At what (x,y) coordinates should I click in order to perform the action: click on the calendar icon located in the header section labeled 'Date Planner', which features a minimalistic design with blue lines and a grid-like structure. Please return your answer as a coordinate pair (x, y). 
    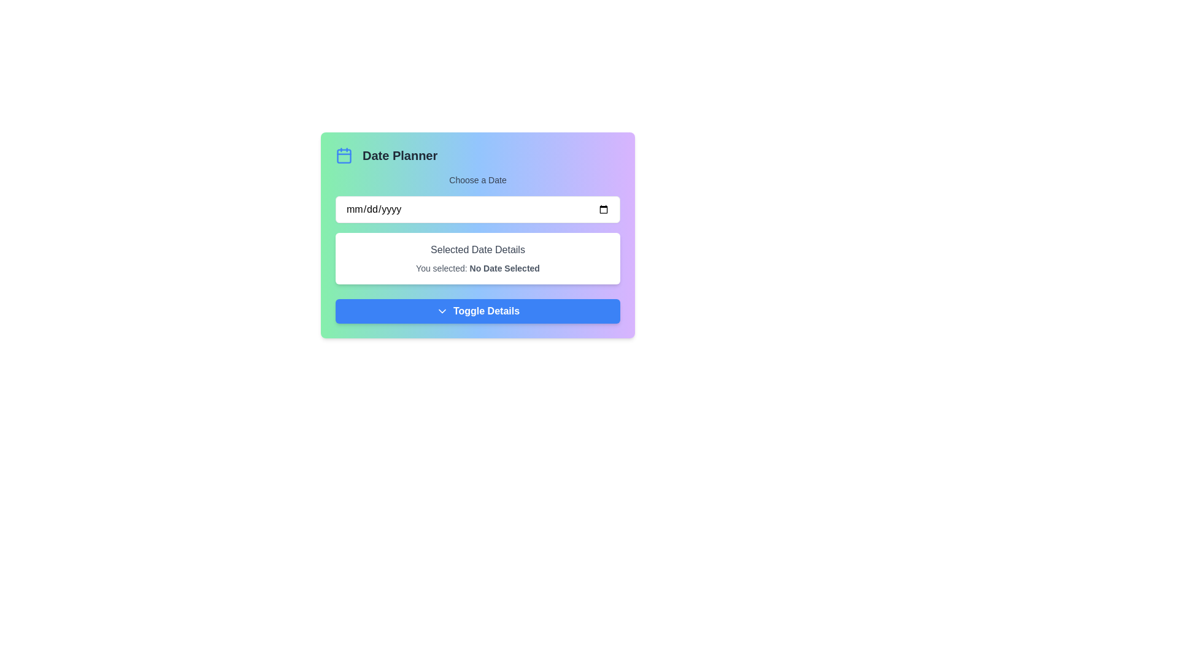
    Looking at the image, I should click on (344, 155).